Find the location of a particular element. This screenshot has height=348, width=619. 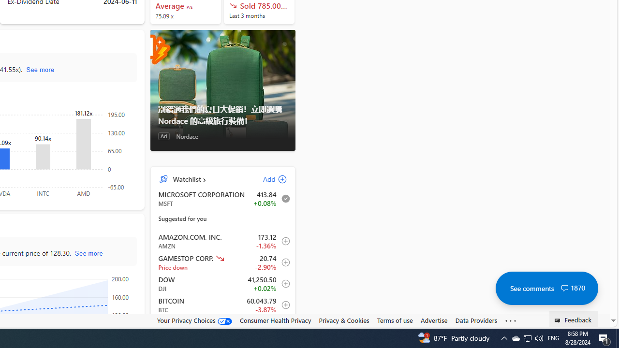

'GME GAMESTOP CORP. decrease 20.74 -0.62 -2.90% item1' is located at coordinates (222, 262).